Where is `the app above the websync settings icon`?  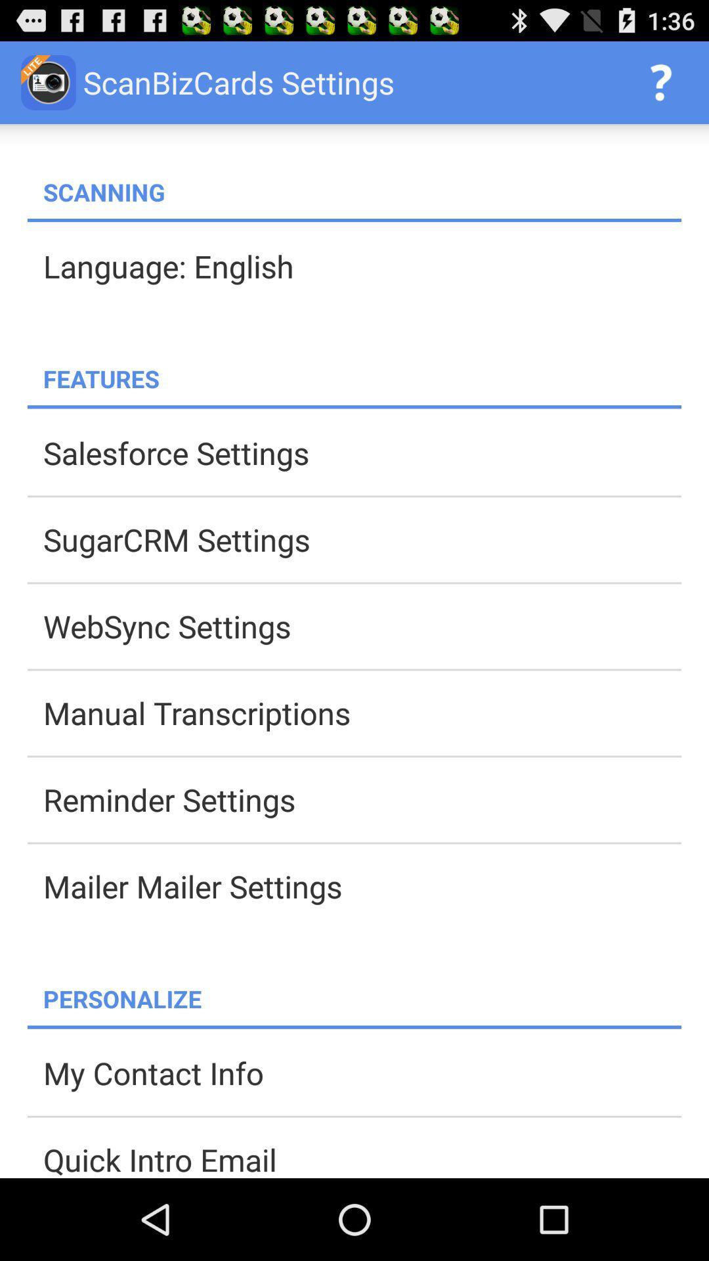 the app above the websync settings icon is located at coordinates (362, 539).